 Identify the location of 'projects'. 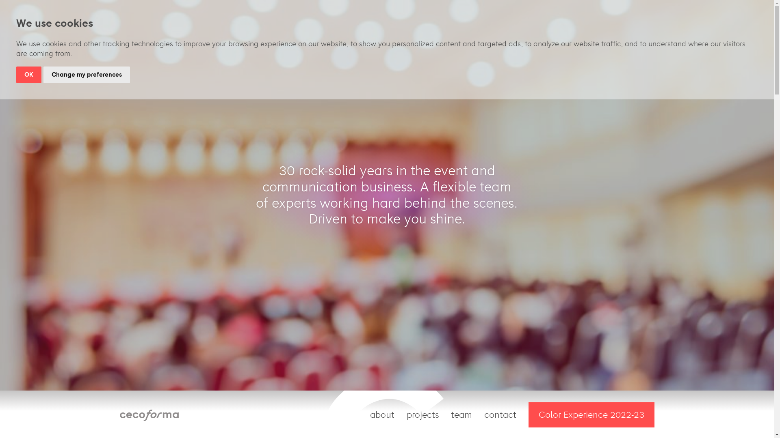
(422, 414).